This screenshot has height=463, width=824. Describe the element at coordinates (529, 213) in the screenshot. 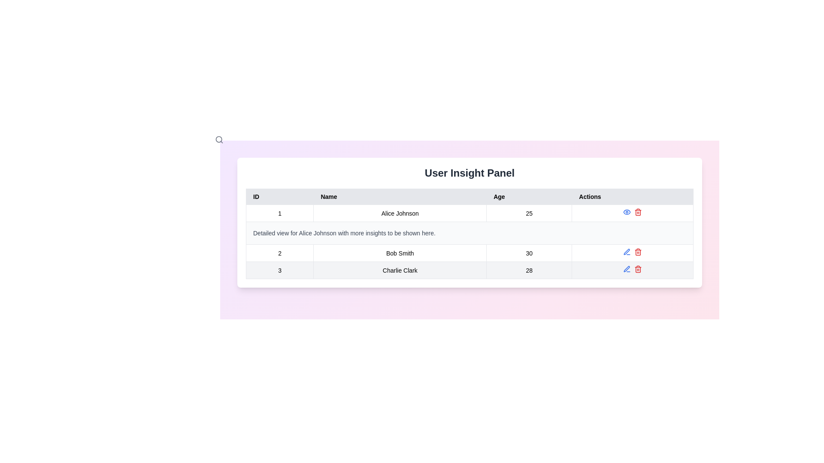

I see `the numeric label displaying the value '25' in the 'Age' column of the first data row in the table` at that location.